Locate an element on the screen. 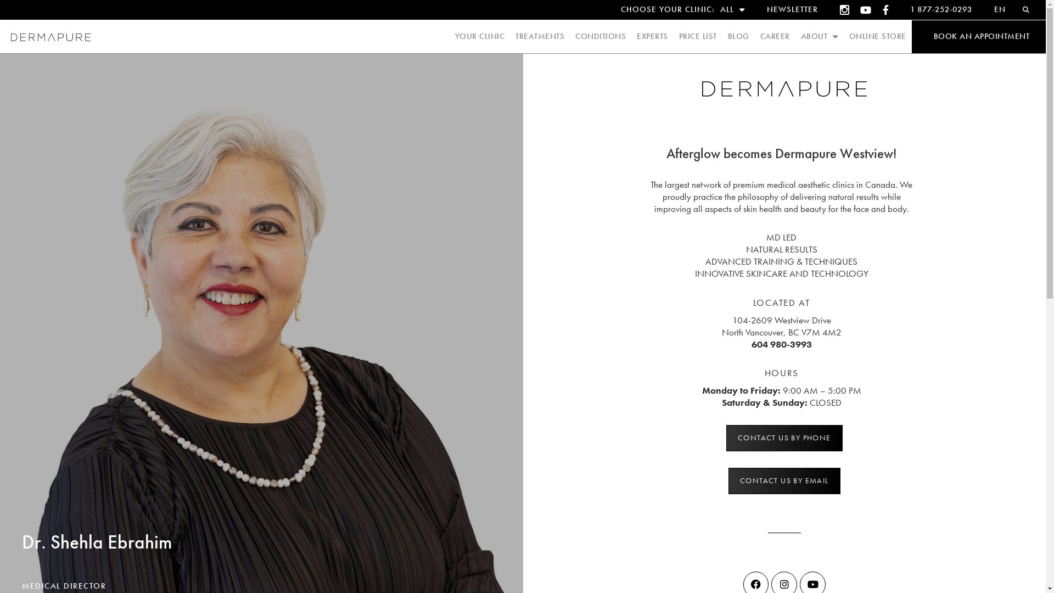 The width and height of the screenshot is (1054, 593). 'TREATMENTS' is located at coordinates (540, 36).